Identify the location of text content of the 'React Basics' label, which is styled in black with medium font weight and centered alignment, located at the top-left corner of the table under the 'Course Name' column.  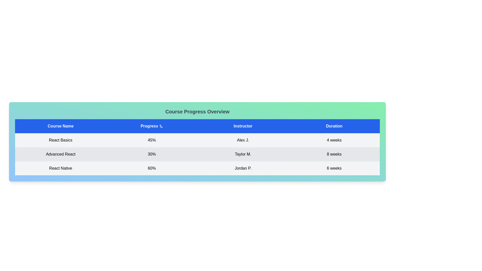
(60, 140).